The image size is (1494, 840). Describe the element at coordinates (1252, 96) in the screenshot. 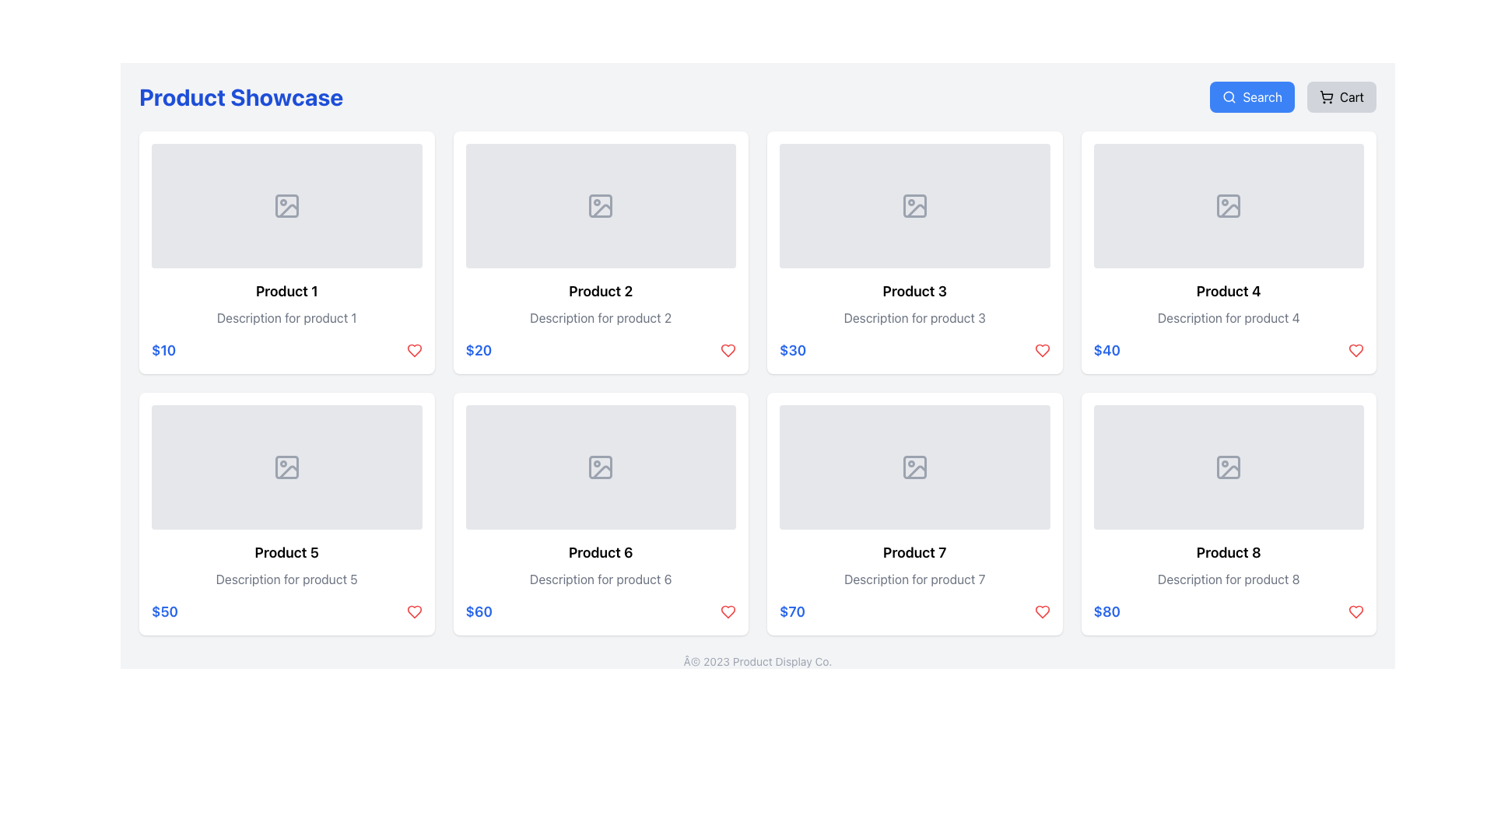

I see `the blue 'Search' button with white text and a magnifying glass icon, located at the top-right corner of the interface, to initiate a search` at that location.